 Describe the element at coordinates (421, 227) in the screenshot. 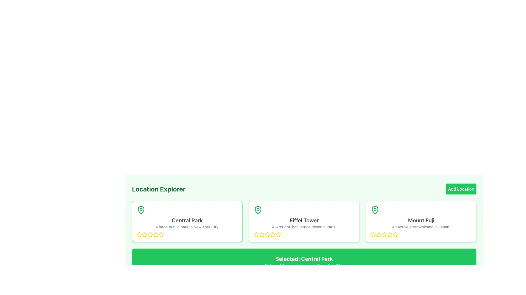

I see `the static text element that reads 'An active stratovolcano in Japan.' which is located in the card labeled 'Mount Fuji', positioned below the title 'Mount Fuji' and above a row of yellow stars` at that location.